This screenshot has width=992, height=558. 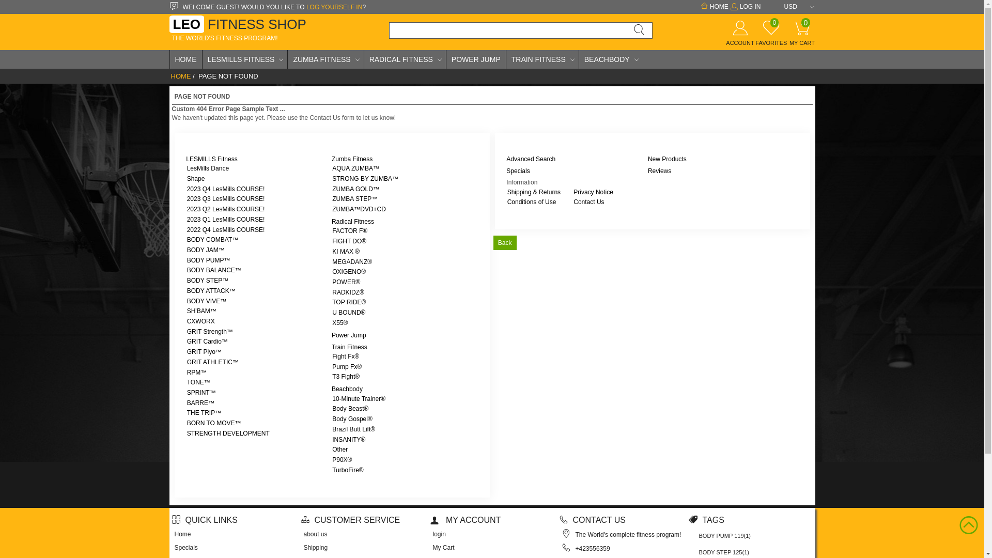 I want to click on 'Reviews', so click(x=659, y=171).